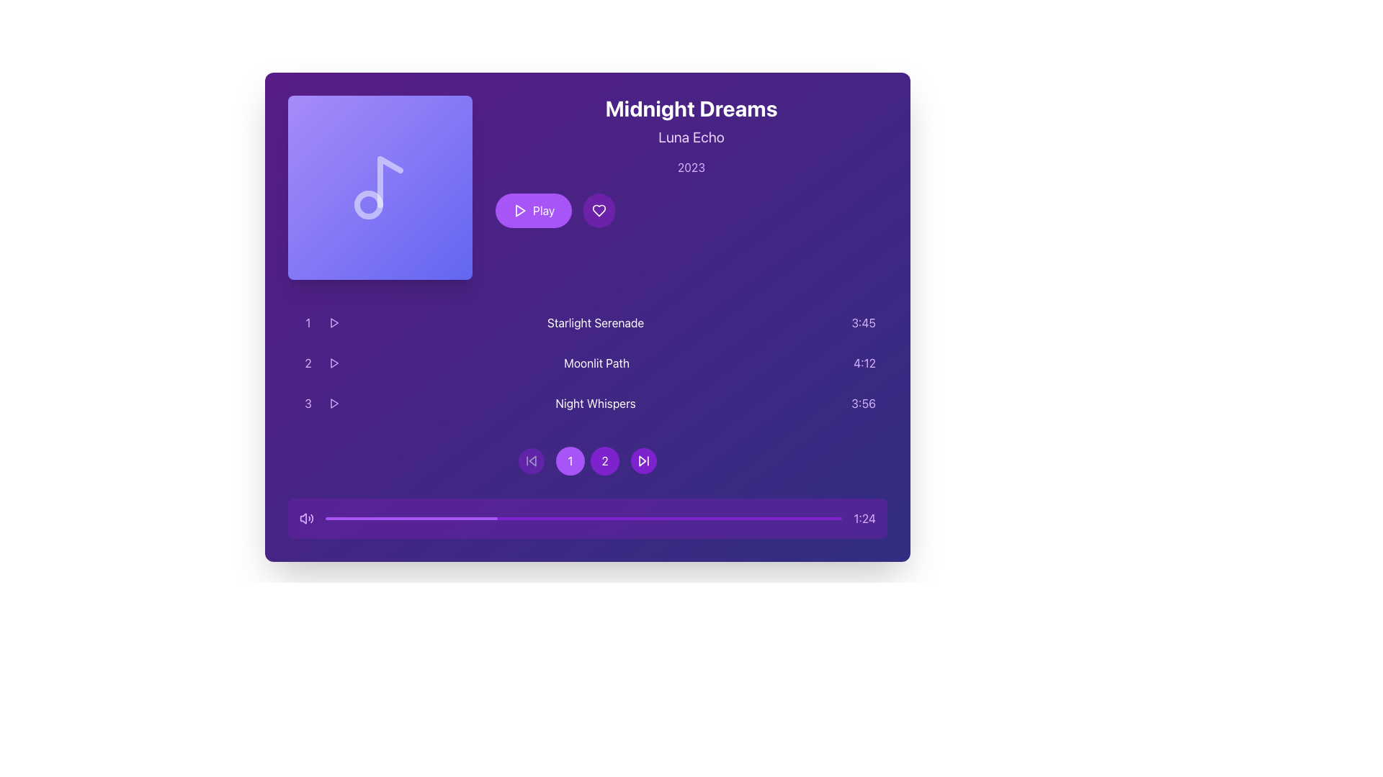 This screenshot has height=777, width=1383. I want to click on the triangular play icon in the third row of the vertical list of play icons to enable keyboard navigation, so click(334, 403).